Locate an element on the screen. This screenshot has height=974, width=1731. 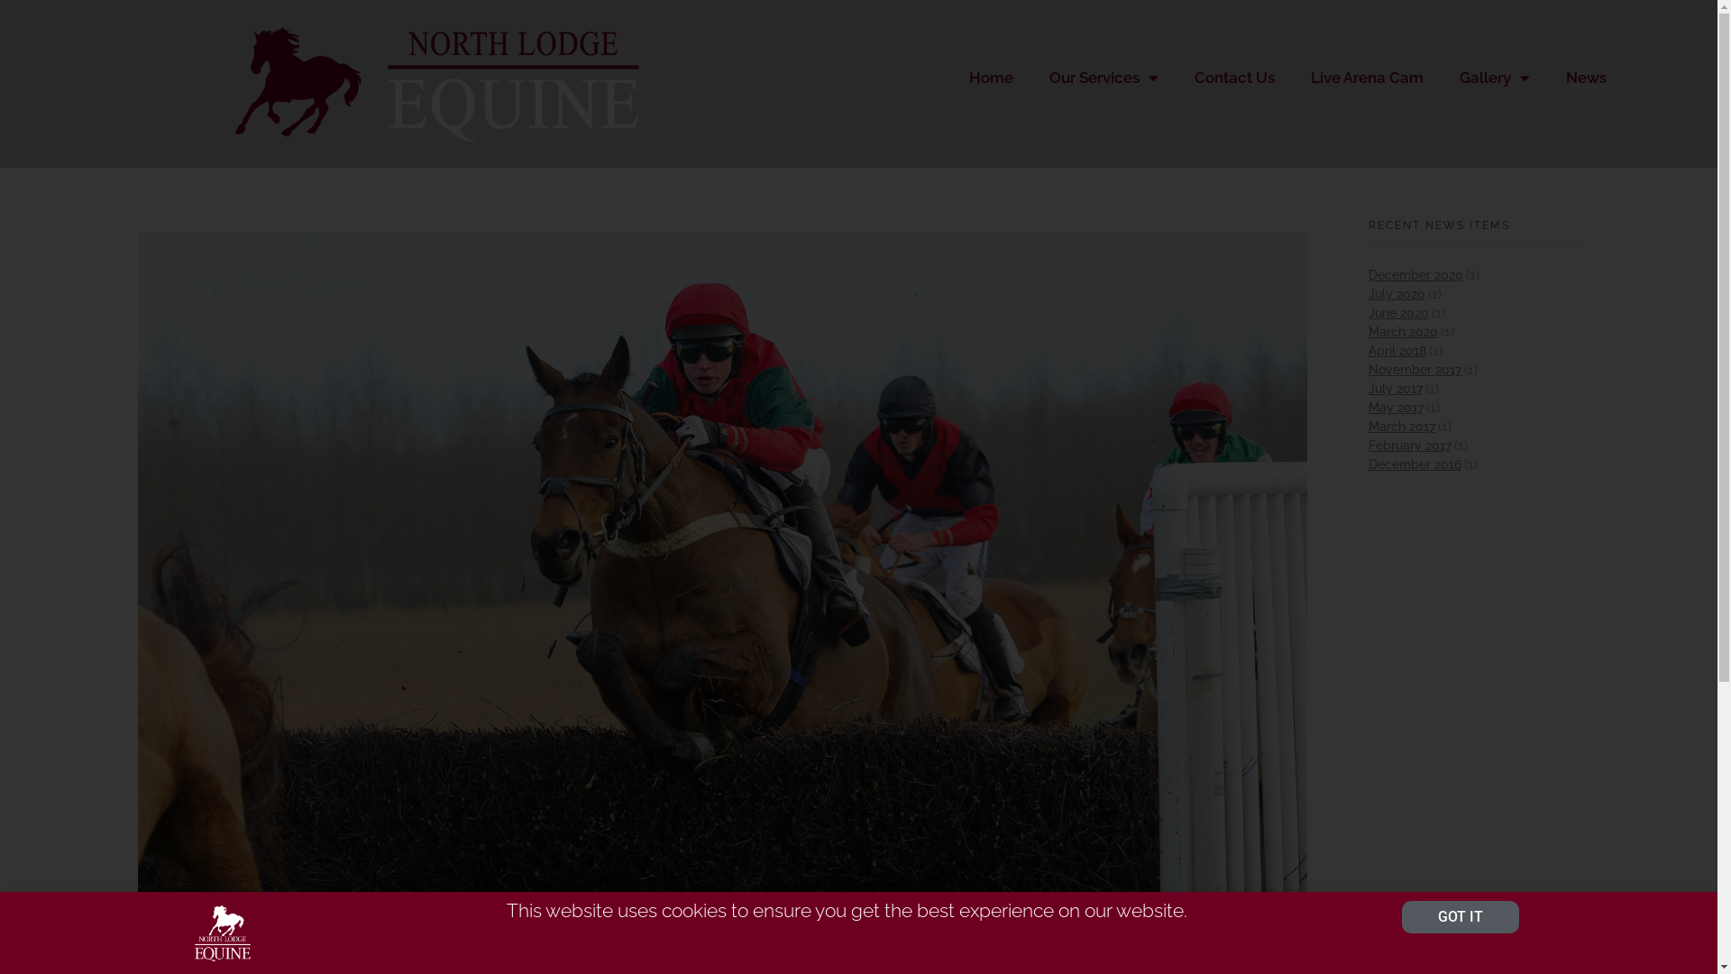
'GOT IT' is located at coordinates (1461, 917).